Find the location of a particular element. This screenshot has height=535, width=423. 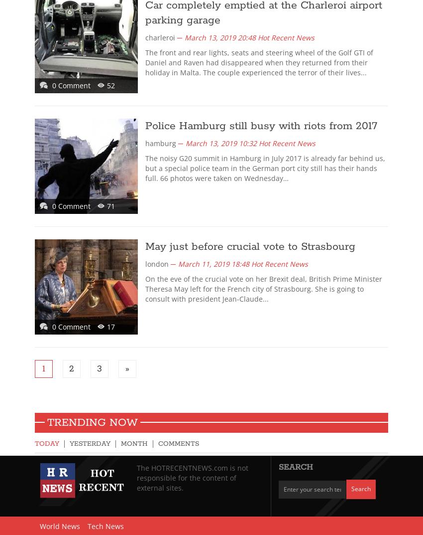

'2' is located at coordinates (69, 368).